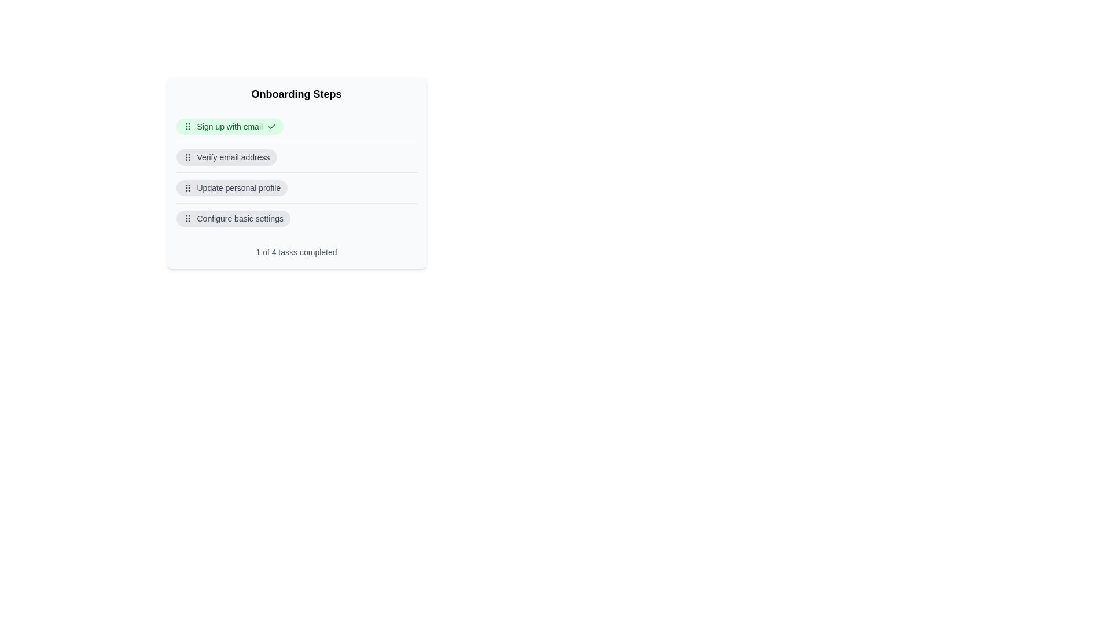  What do you see at coordinates (187, 219) in the screenshot?
I see `the drag handle represented by a multi-dot grip icon located towards the left of the 'Configure basic settings' rectangle` at bounding box center [187, 219].